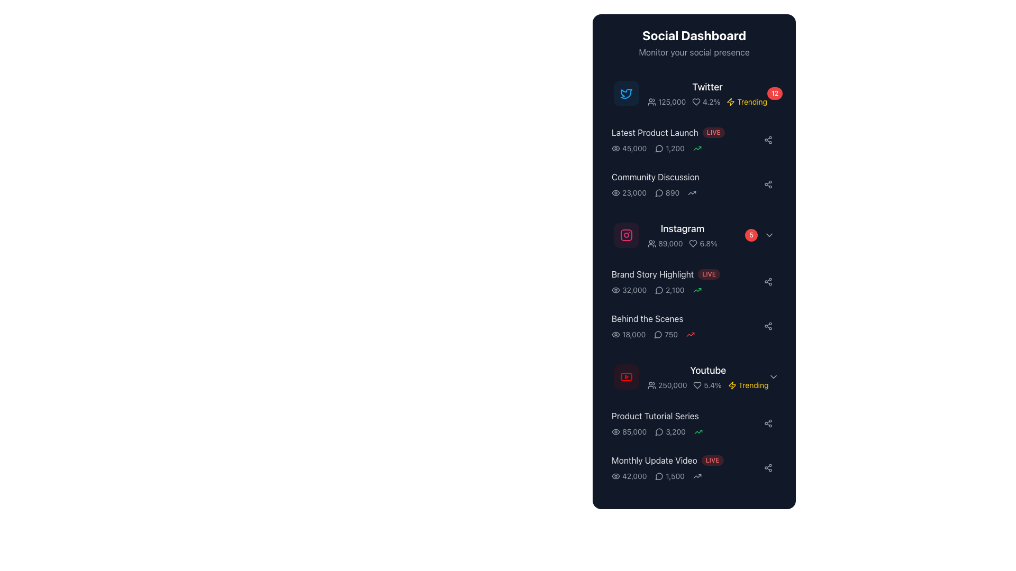  What do you see at coordinates (665, 244) in the screenshot?
I see `the text label displaying the number '89,000' in gray color, which is located next to the group of people icon in the Social Dashboard interface` at bounding box center [665, 244].